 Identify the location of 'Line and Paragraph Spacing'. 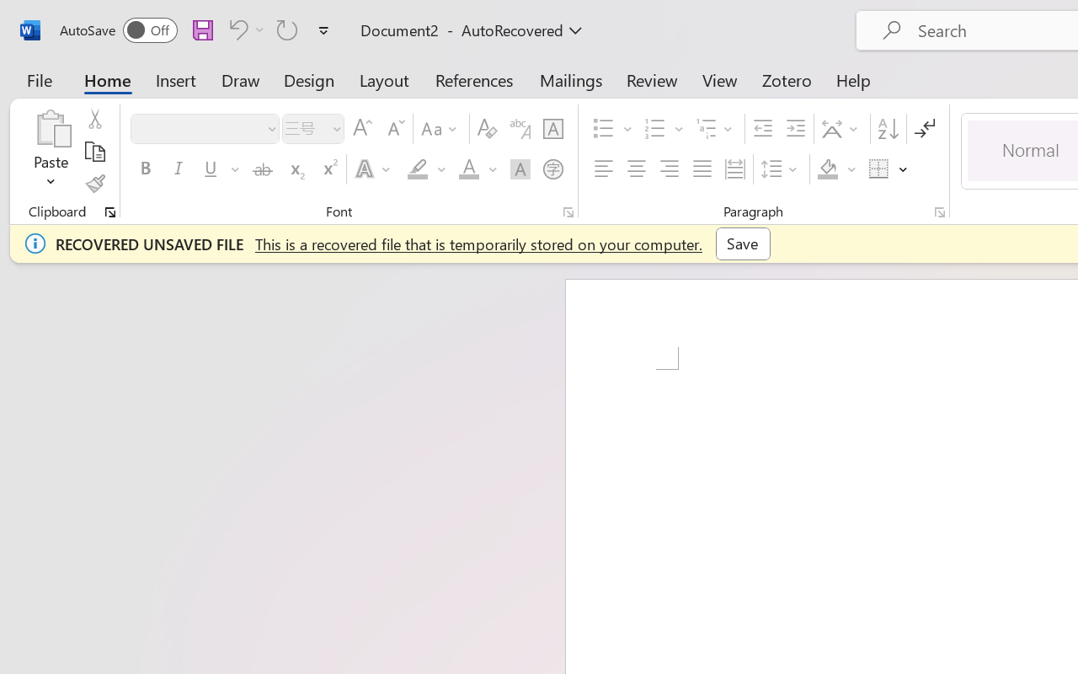
(781, 169).